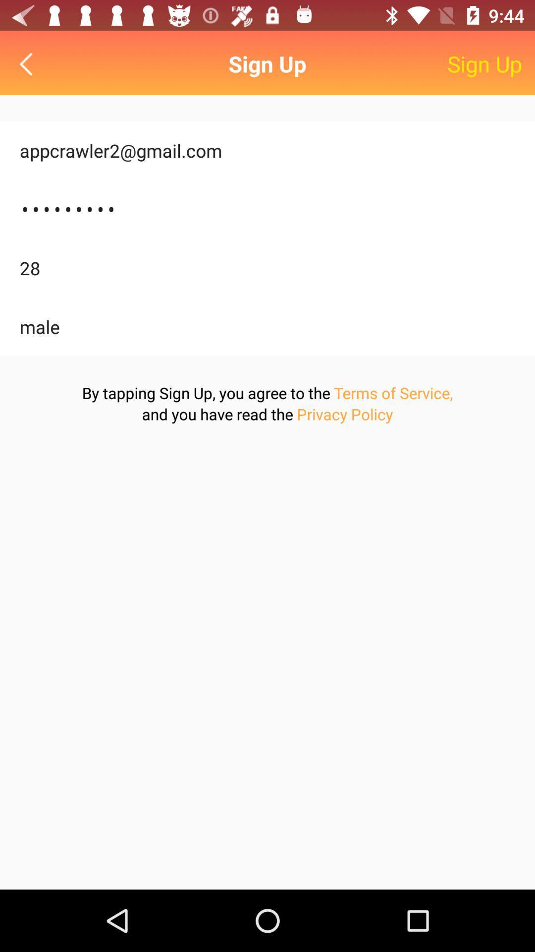 This screenshot has height=952, width=535. What do you see at coordinates (267, 209) in the screenshot?
I see `crowd3116` at bounding box center [267, 209].